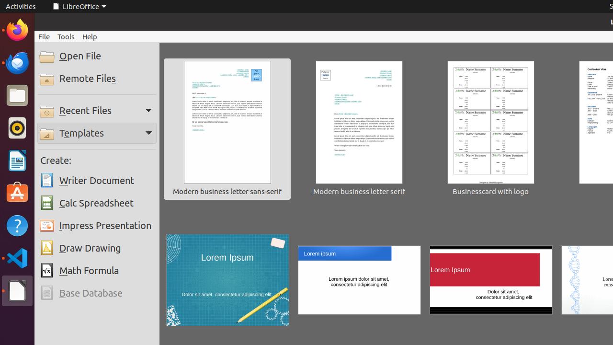 The height and width of the screenshot is (345, 613). What do you see at coordinates (97, 293) in the screenshot?
I see `'Base Database'` at bounding box center [97, 293].